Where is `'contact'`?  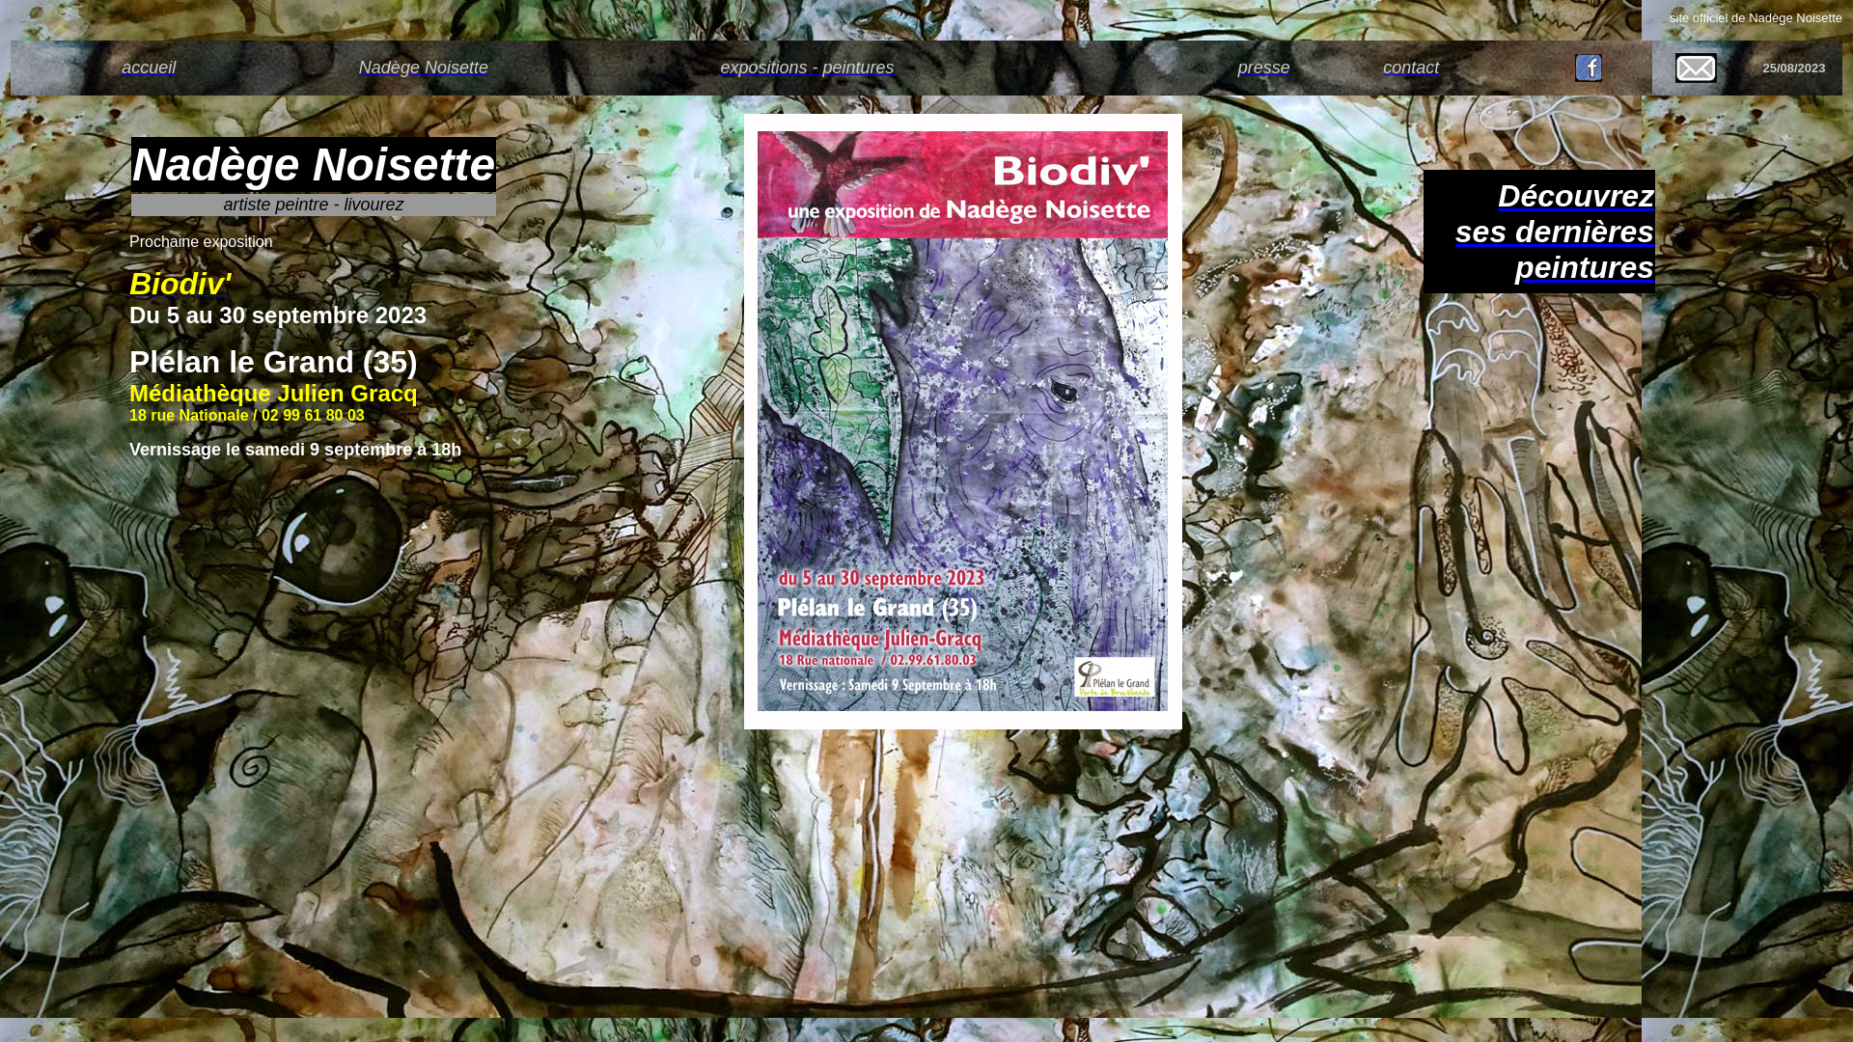 'contact' is located at coordinates (1411, 66).